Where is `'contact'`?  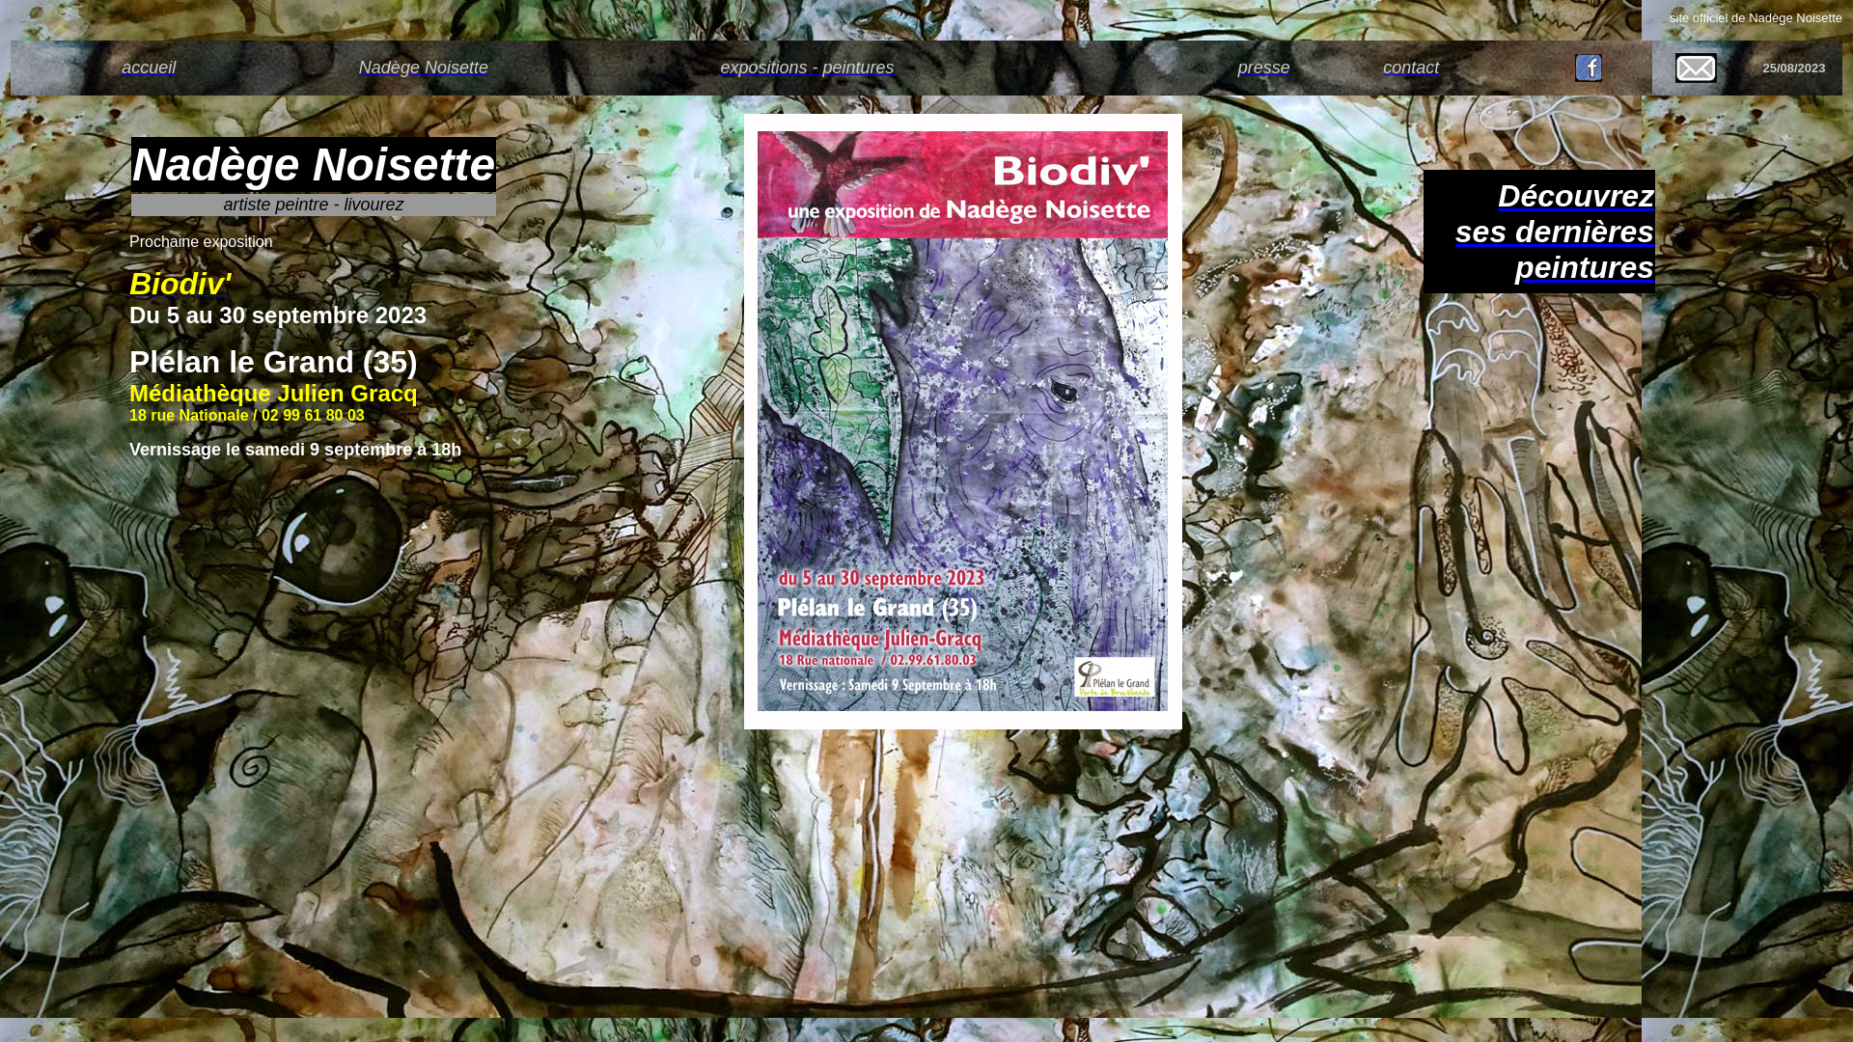 'contact' is located at coordinates (1411, 66).